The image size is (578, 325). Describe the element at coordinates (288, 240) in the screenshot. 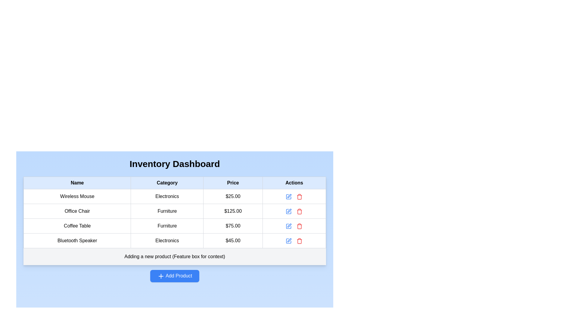

I see `the edit button located in the 'Actions' column of the last row of the table` at that location.